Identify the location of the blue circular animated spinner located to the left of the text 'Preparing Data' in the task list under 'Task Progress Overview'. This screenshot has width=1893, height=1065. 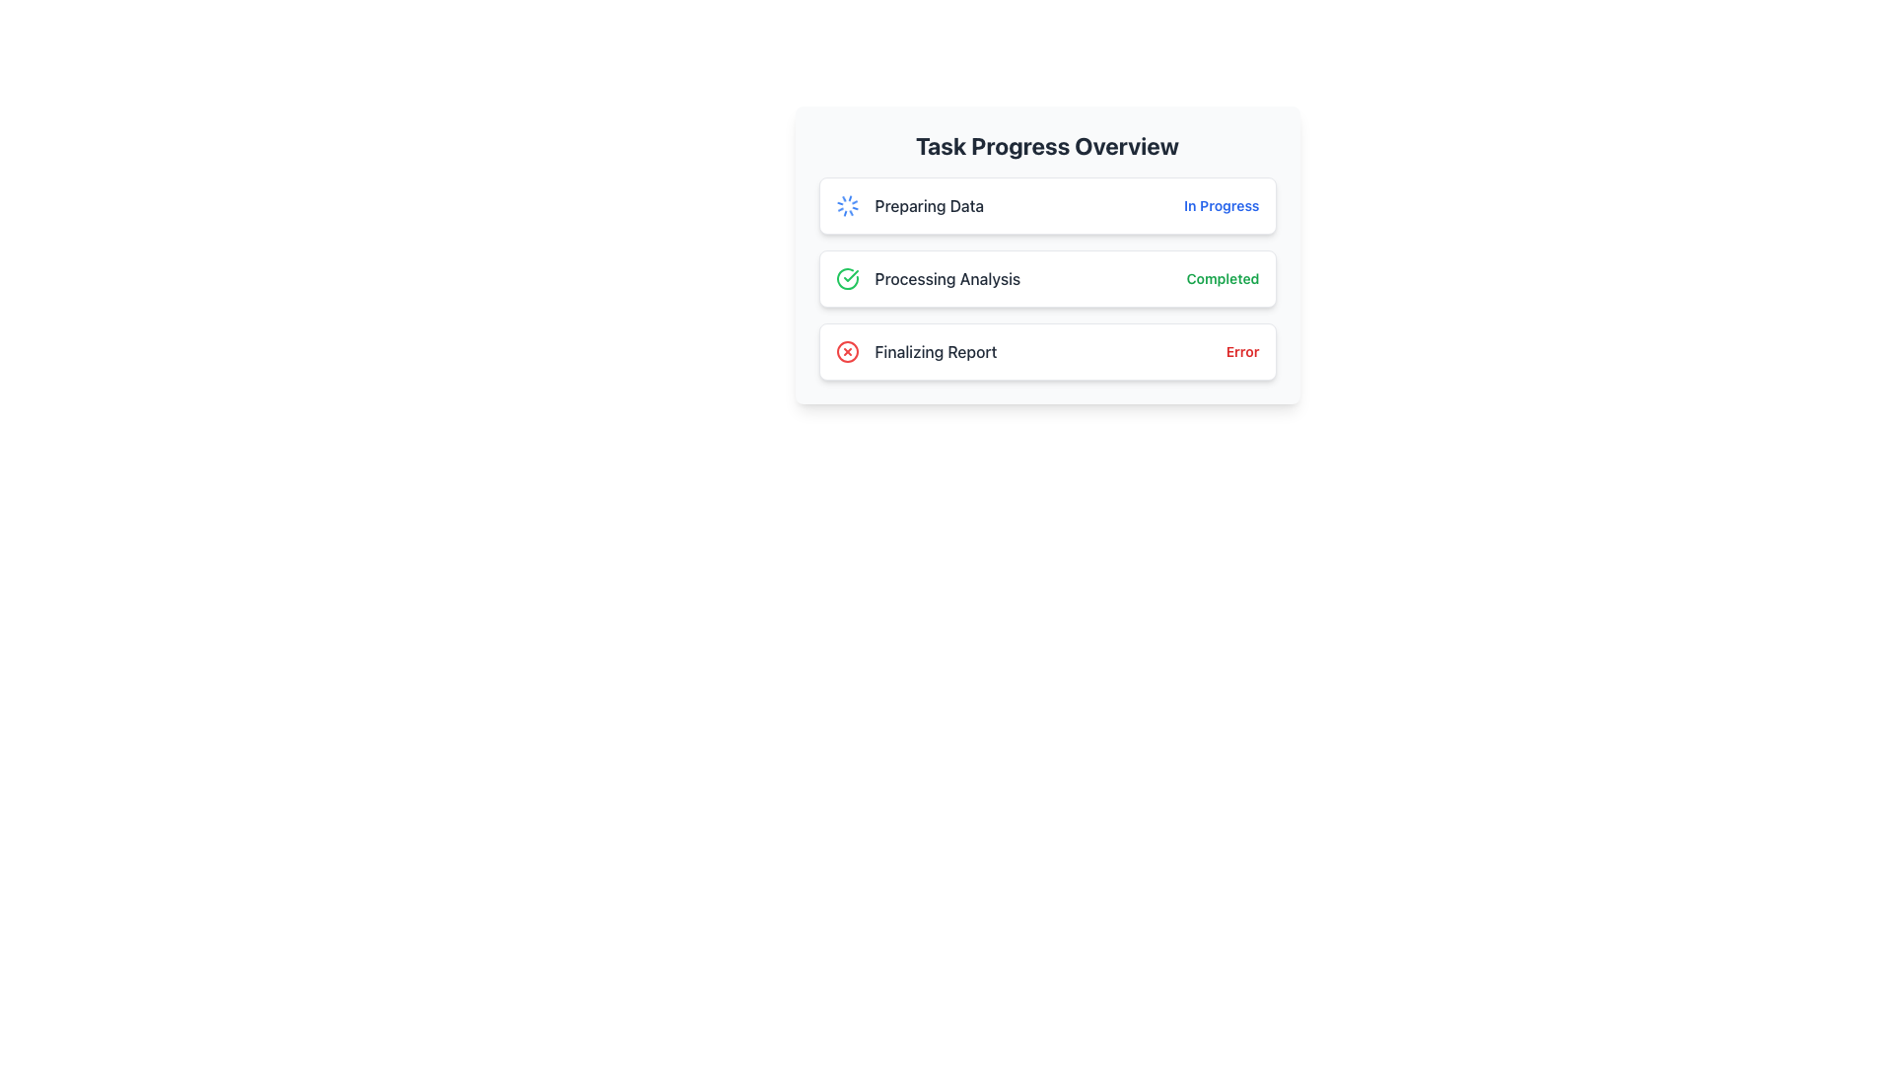
(847, 205).